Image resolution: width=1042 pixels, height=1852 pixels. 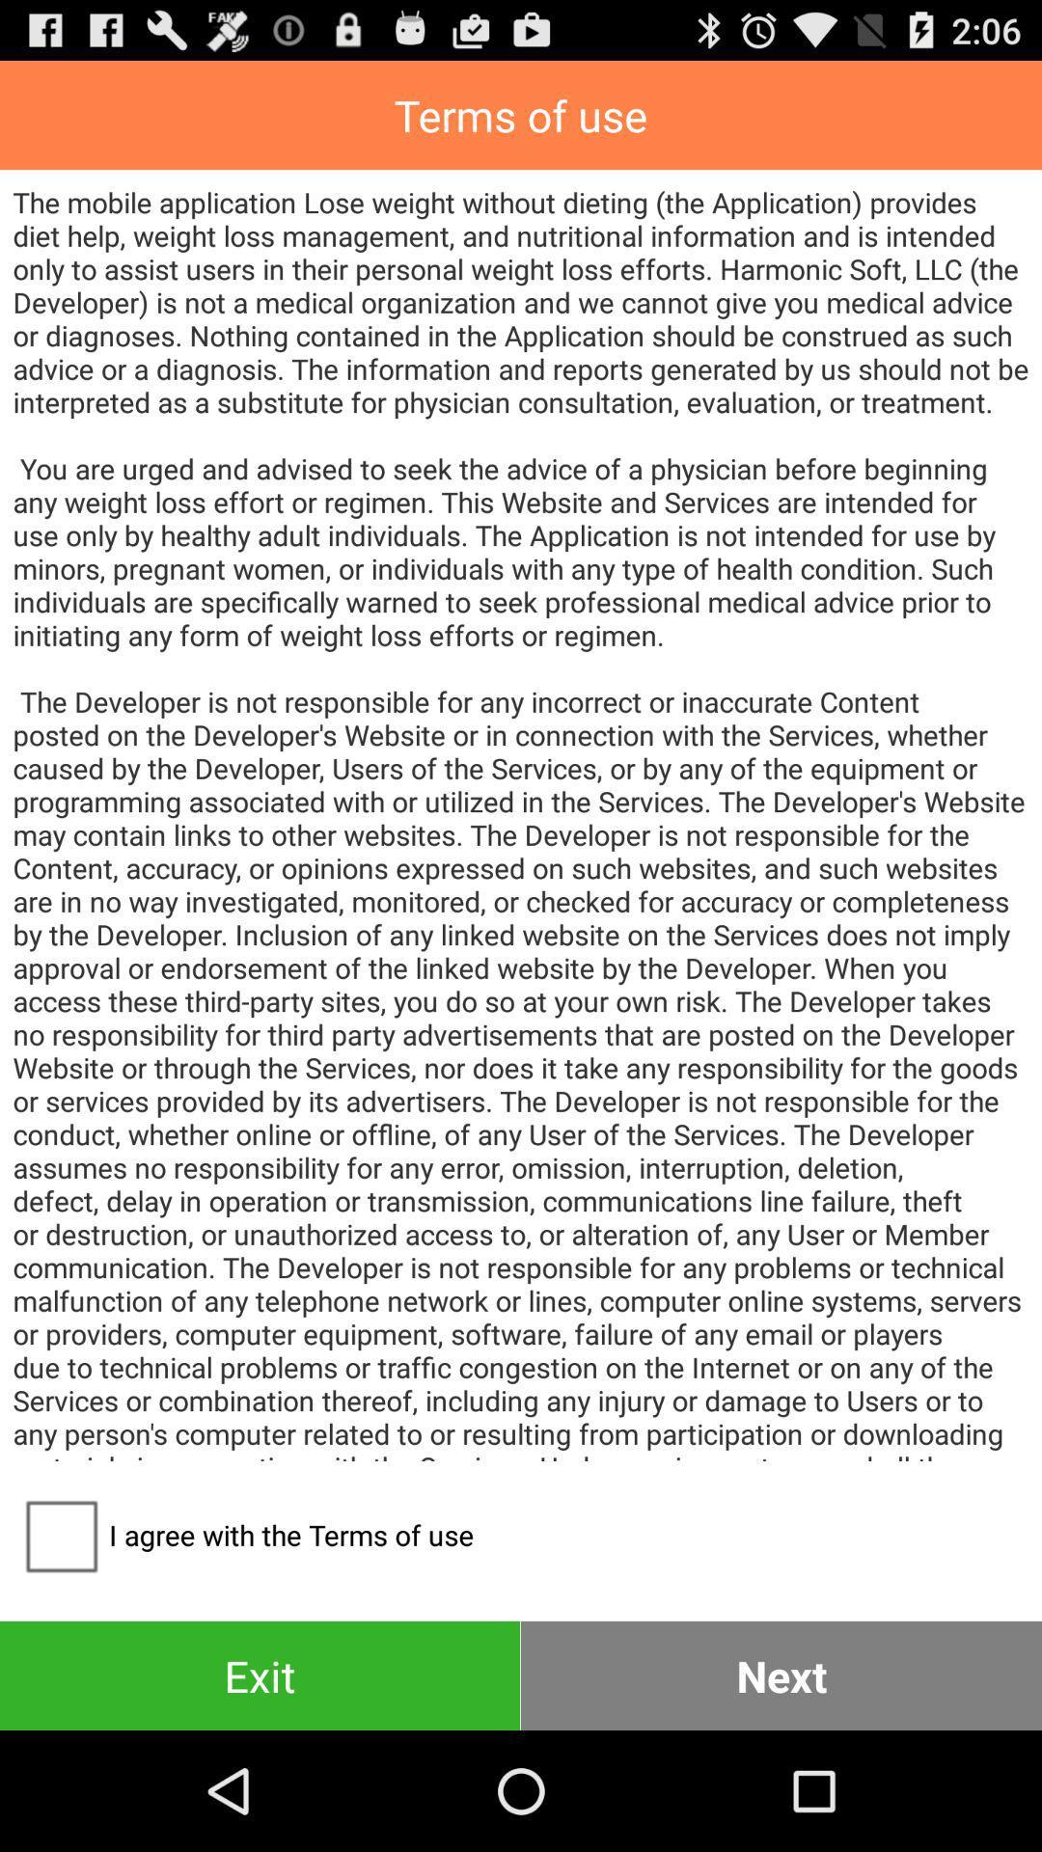 I want to click on next, so click(x=781, y=1675).